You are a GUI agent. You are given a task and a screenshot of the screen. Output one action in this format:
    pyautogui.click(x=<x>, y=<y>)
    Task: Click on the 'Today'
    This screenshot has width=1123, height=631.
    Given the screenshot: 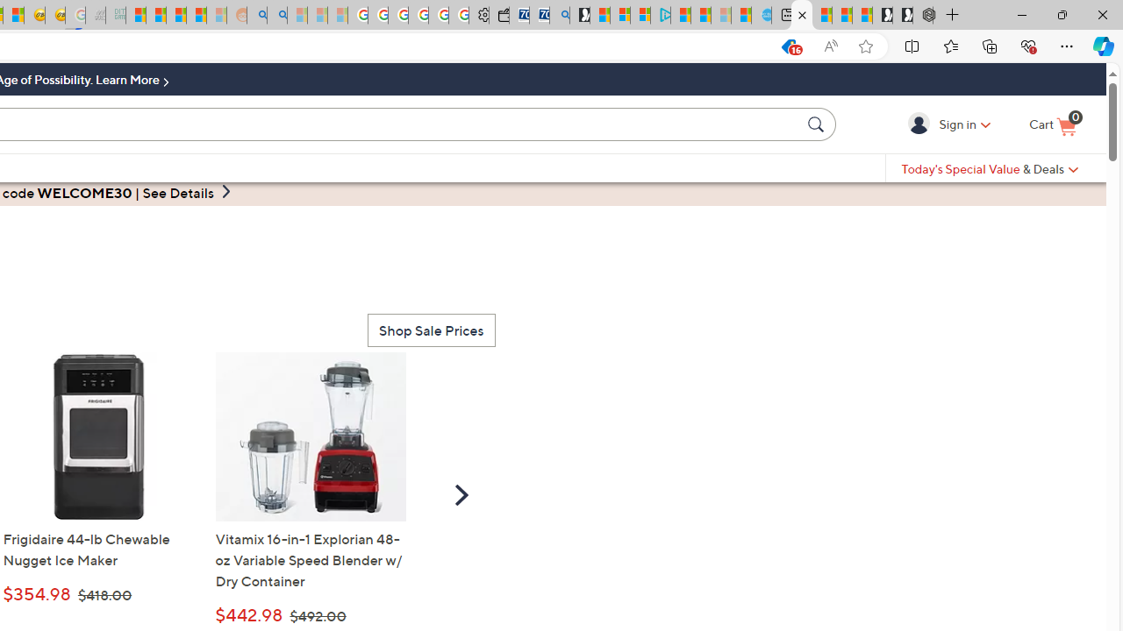 What is the action you would take?
    pyautogui.click(x=990, y=168)
    